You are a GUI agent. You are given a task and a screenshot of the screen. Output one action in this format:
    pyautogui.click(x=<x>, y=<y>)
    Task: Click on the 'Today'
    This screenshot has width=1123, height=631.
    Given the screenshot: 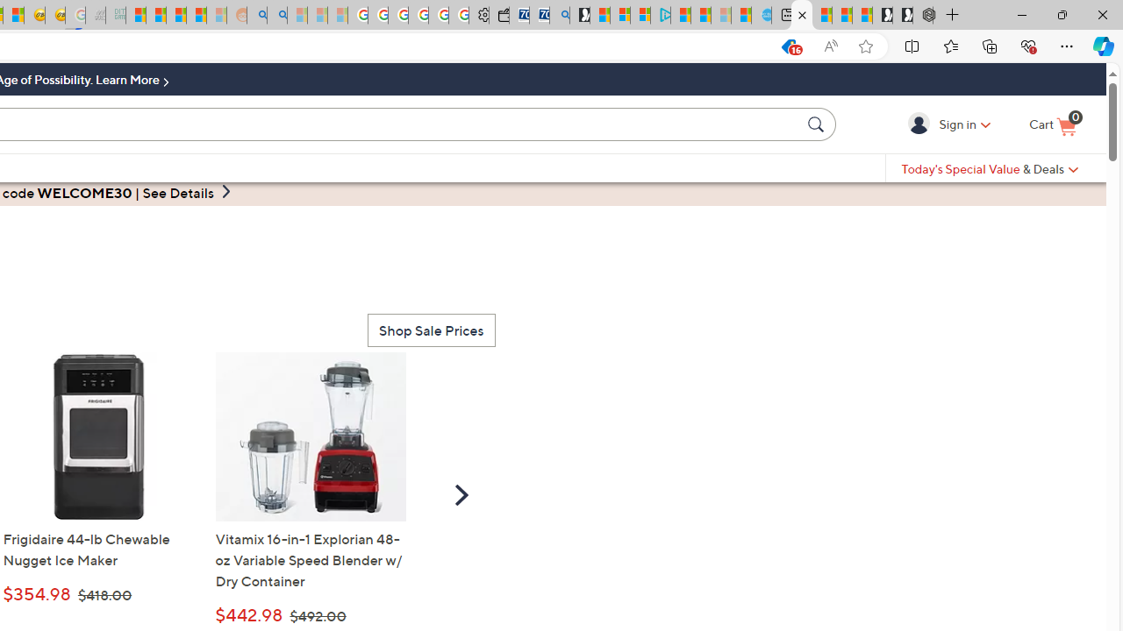 What is the action you would take?
    pyautogui.click(x=990, y=168)
    